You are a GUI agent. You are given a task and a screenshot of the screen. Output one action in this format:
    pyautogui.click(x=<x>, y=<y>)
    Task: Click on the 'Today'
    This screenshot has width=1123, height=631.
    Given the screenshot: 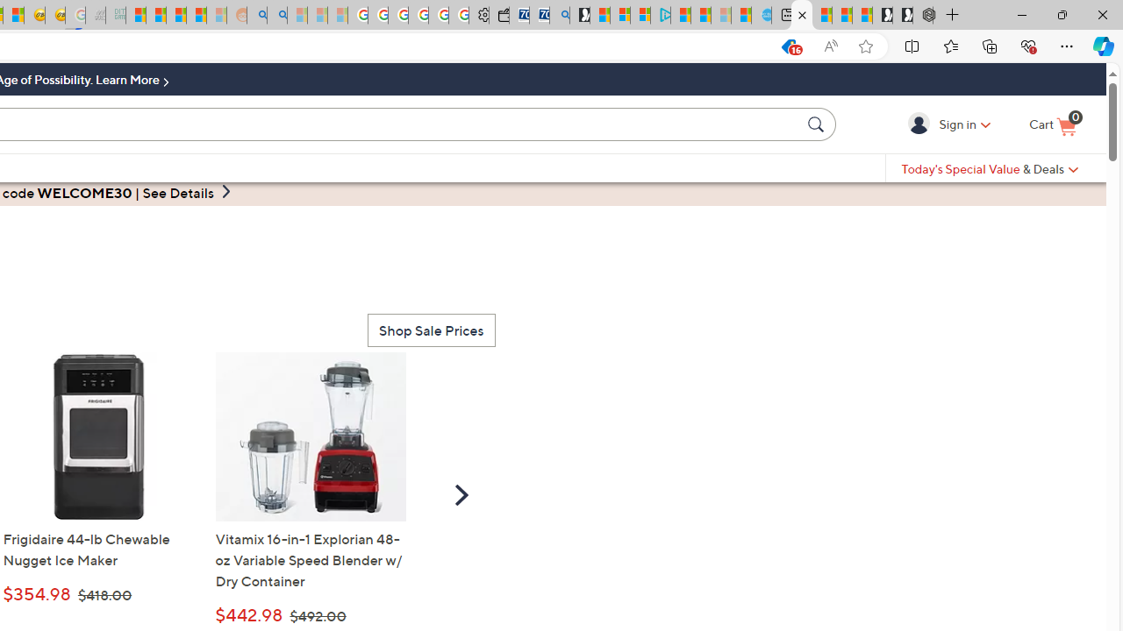 What is the action you would take?
    pyautogui.click(x=990, y=168)
    